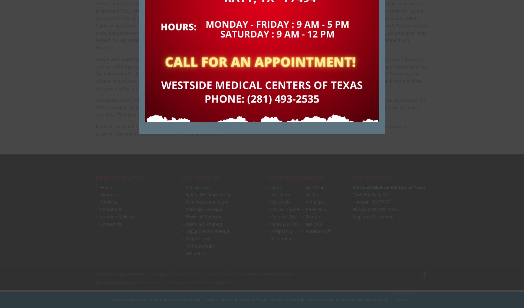 This screenshot has height=308, width=524. Describe the element at coordinates (271, 223) in the screenshot. I see `'Knee Bursitis'` at that location.